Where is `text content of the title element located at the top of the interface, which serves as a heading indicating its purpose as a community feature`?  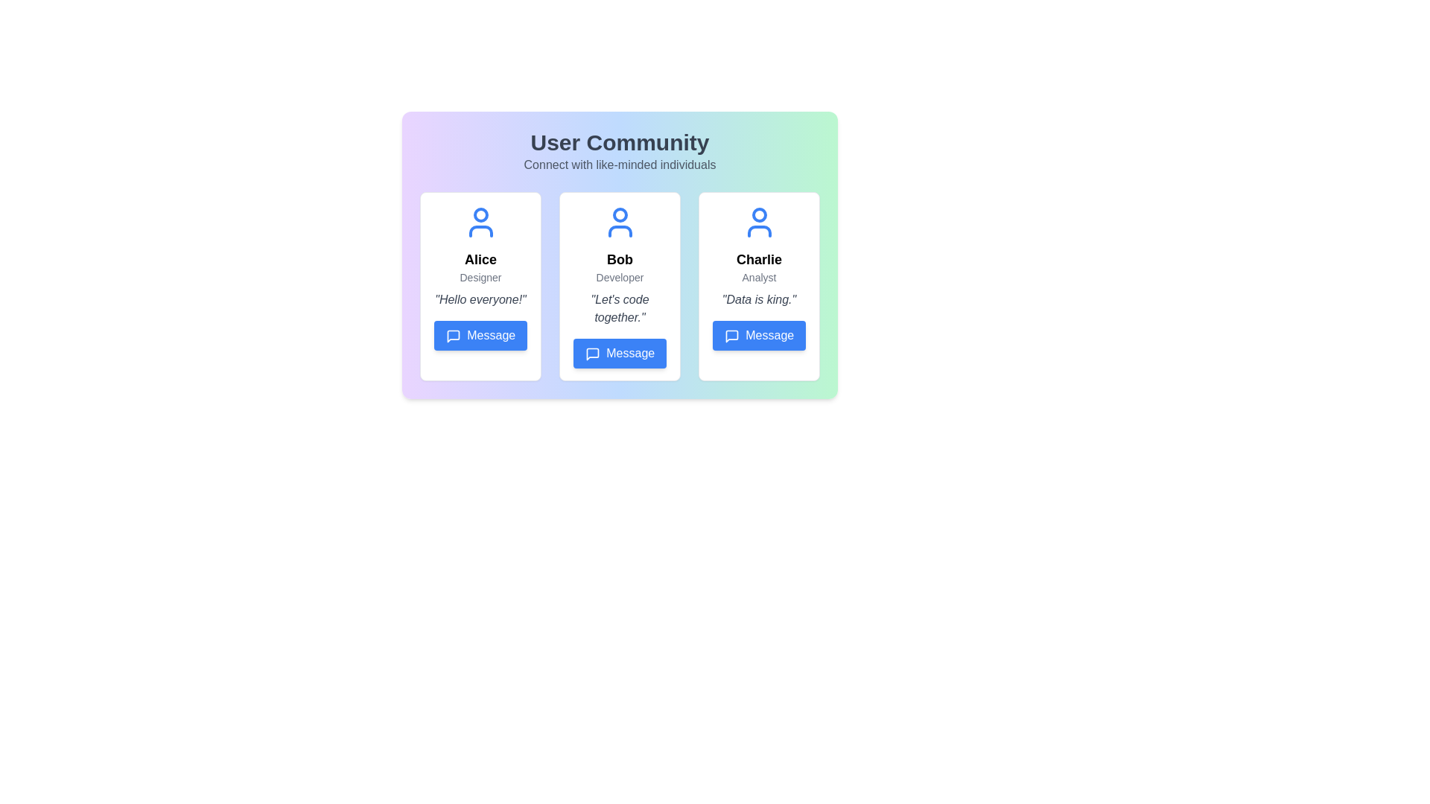 text content of the title element located at the top of the interface, which serves as a heading indicating its purpose as a community feature is located at coordinates (620, 143).